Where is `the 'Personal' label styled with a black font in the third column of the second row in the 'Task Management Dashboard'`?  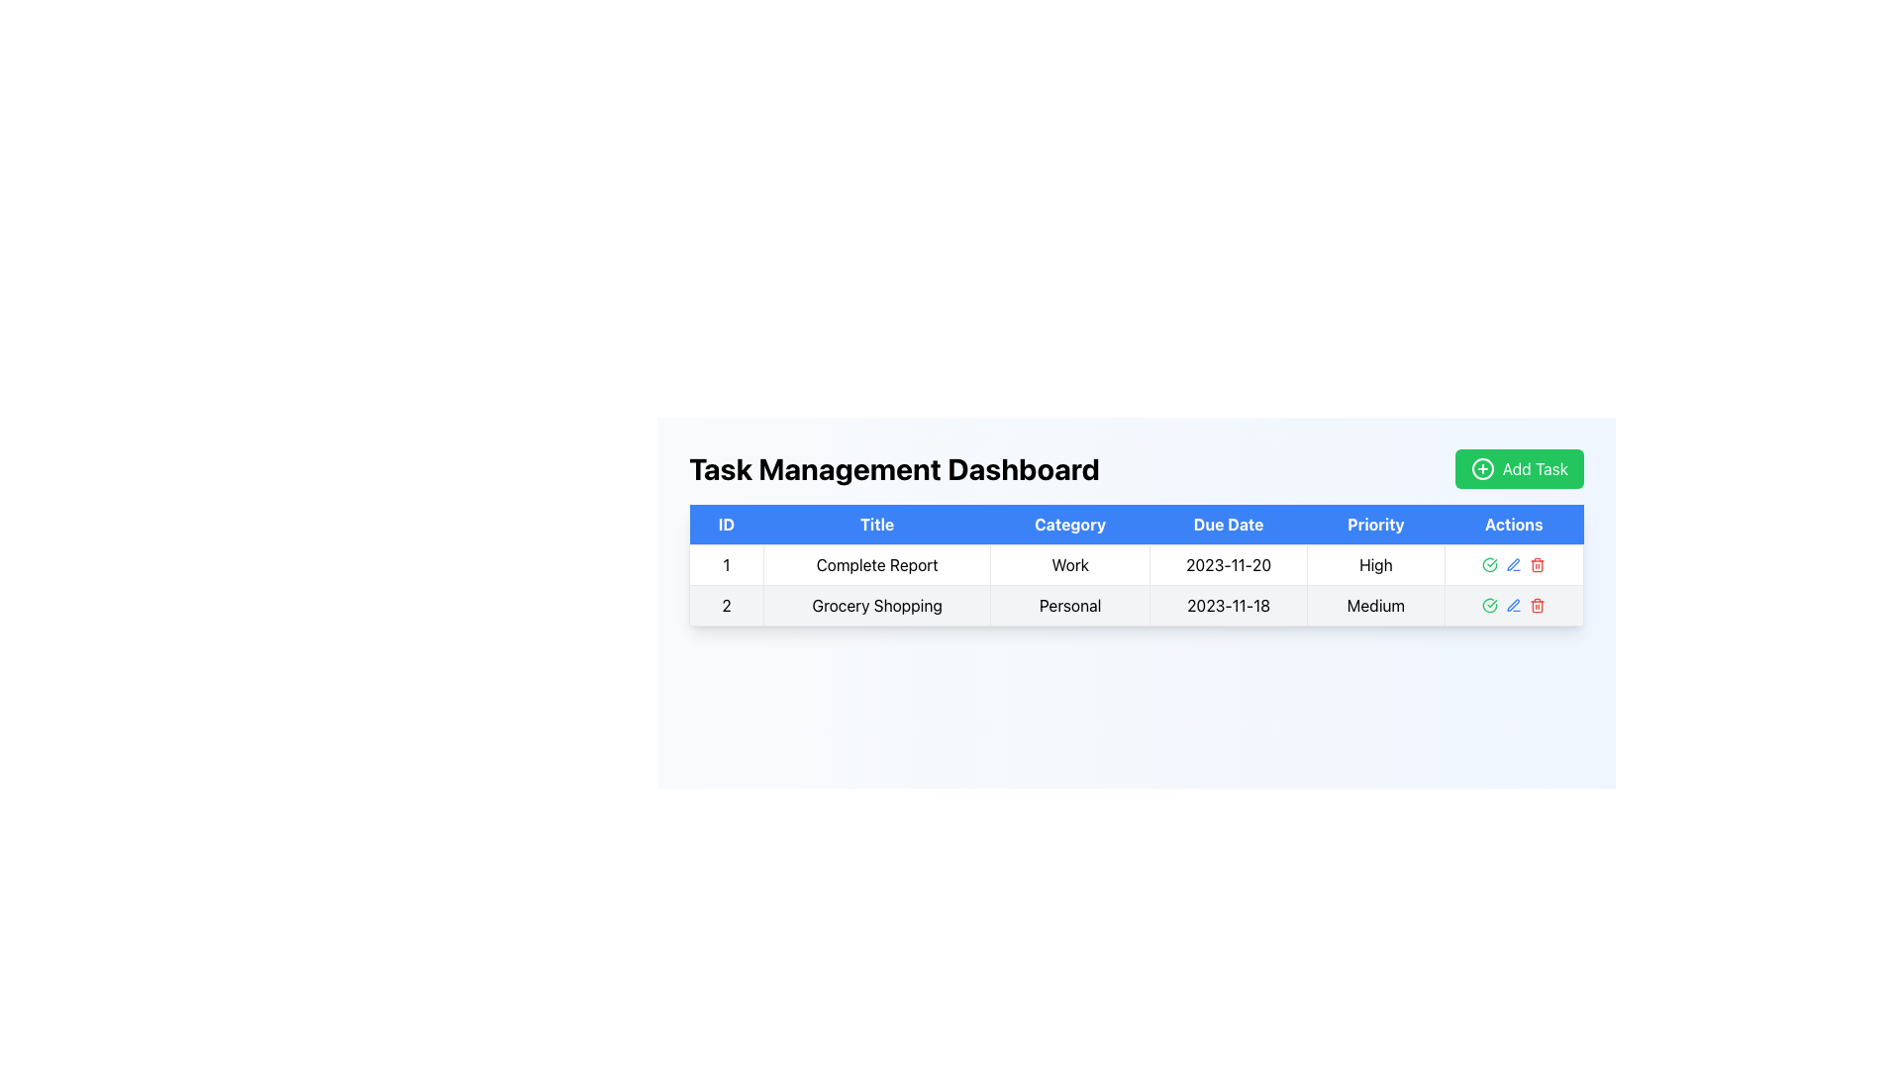 the 'Personal' label styled with a black font in the third column of the second row in the 'Task Management Dashboard' is located at coordinates (1069, 605).